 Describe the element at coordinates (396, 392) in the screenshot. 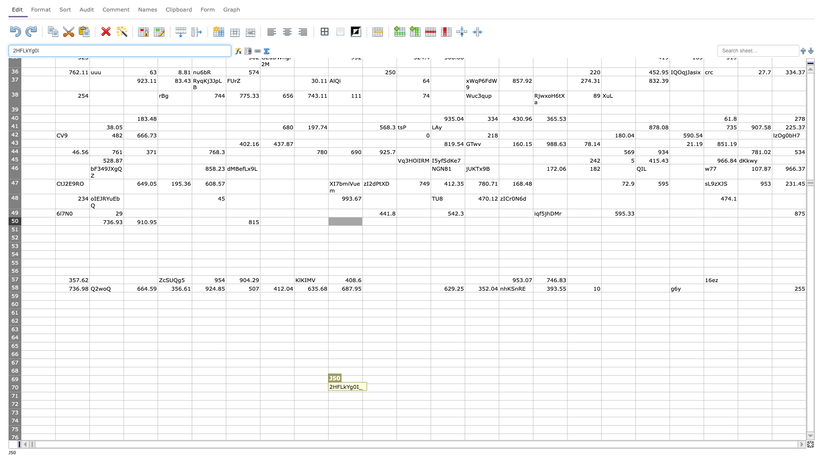

I see `Place cursor on fill handle point of K70` at that location.